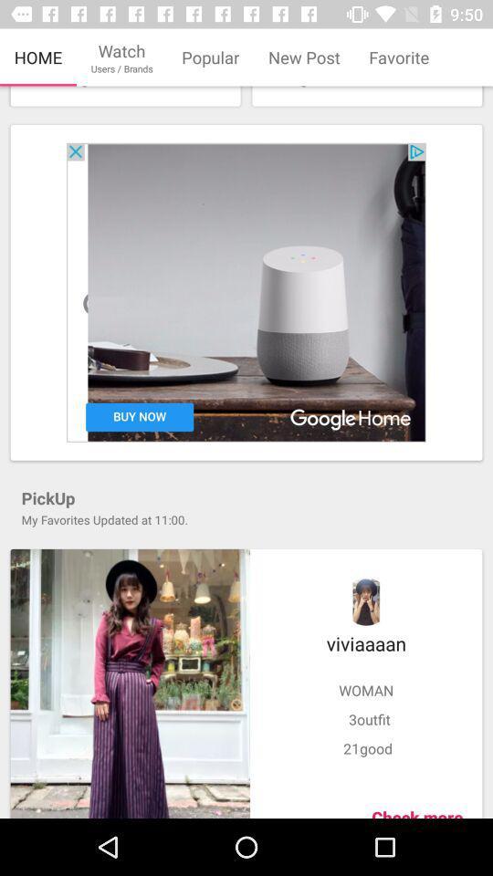 The height and width of the screenshot is (876, 493). Describe the element at coordinates (366, 600) in the screenshot. I see `the image which is above viviaaaan` at that location.